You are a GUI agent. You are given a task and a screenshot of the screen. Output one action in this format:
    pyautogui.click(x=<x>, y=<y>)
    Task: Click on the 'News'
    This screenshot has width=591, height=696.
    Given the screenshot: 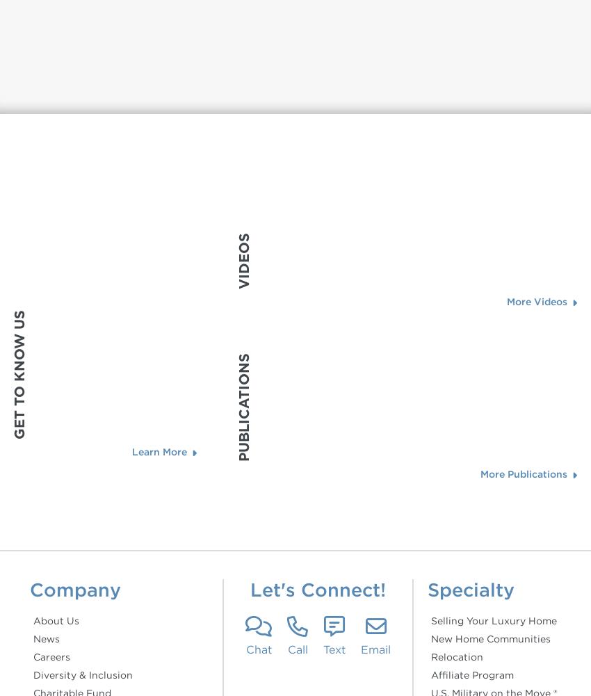 What is the action you would take?
    pyautogui.click(x=46, y=638)
    